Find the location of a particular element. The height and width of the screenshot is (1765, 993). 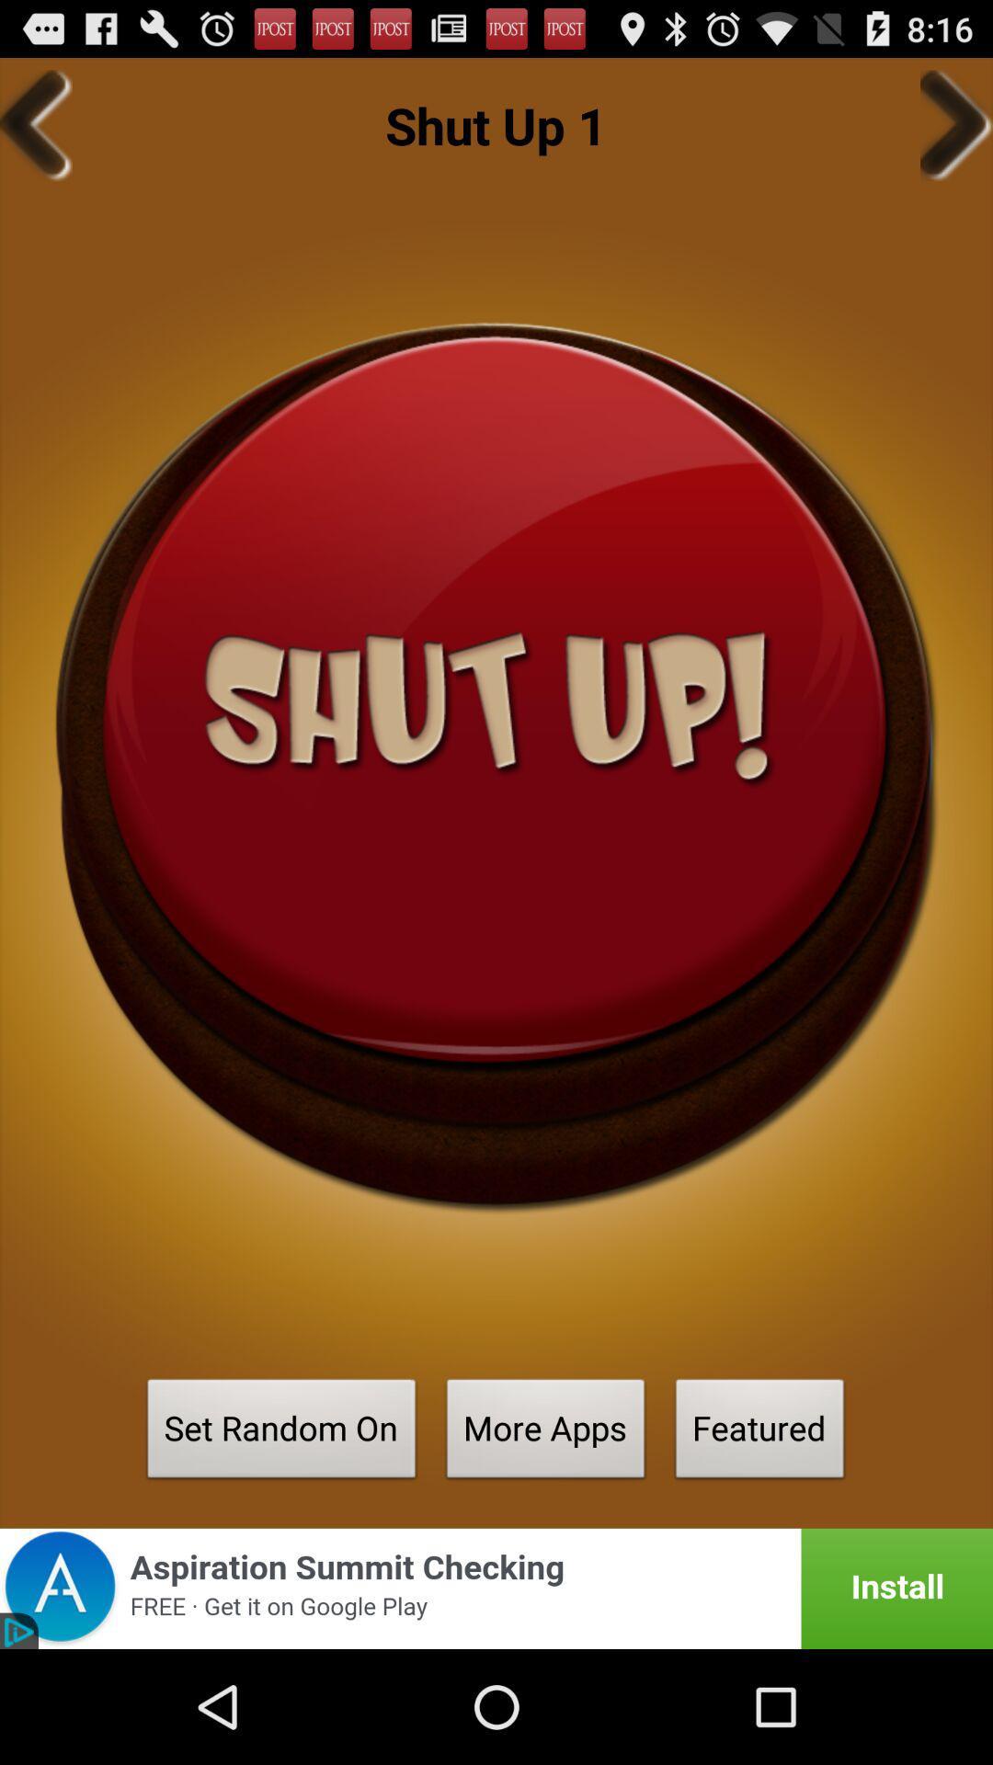

item below the more apps is located at coordinates (496, 1588).